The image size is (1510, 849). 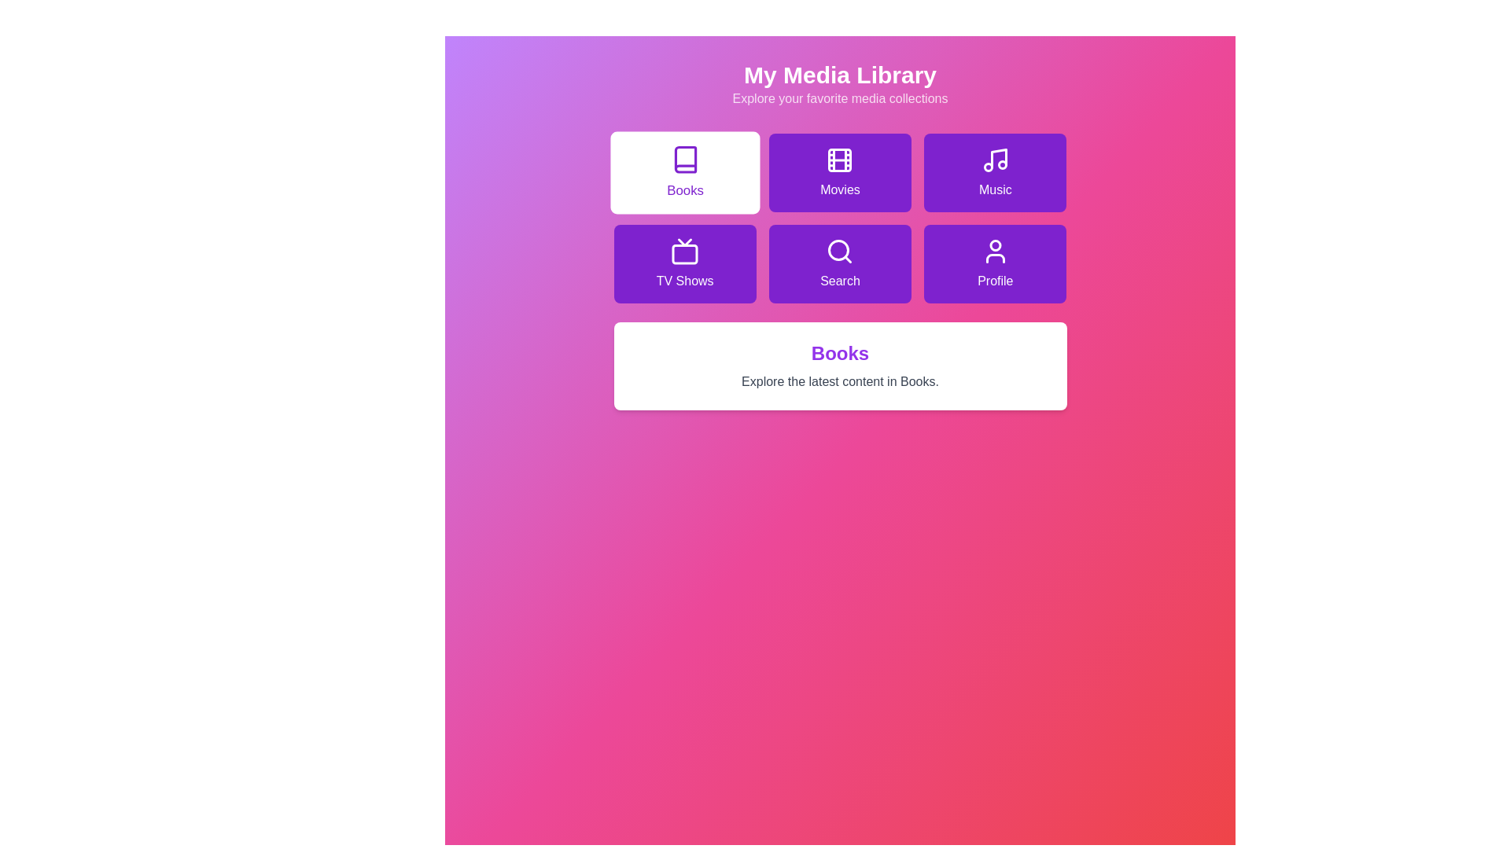 What do you see at coordinates (839, 160) in the screenshot?
I see `the movie reel button in the Movies grid` at bounding box center [839, 160].